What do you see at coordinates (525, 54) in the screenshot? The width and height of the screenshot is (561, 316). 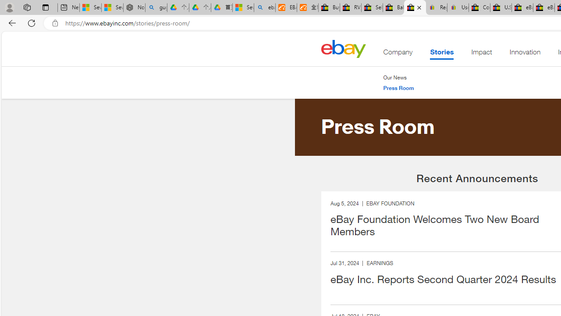 I see `'Innovation'` at bounding box center [525, 54].